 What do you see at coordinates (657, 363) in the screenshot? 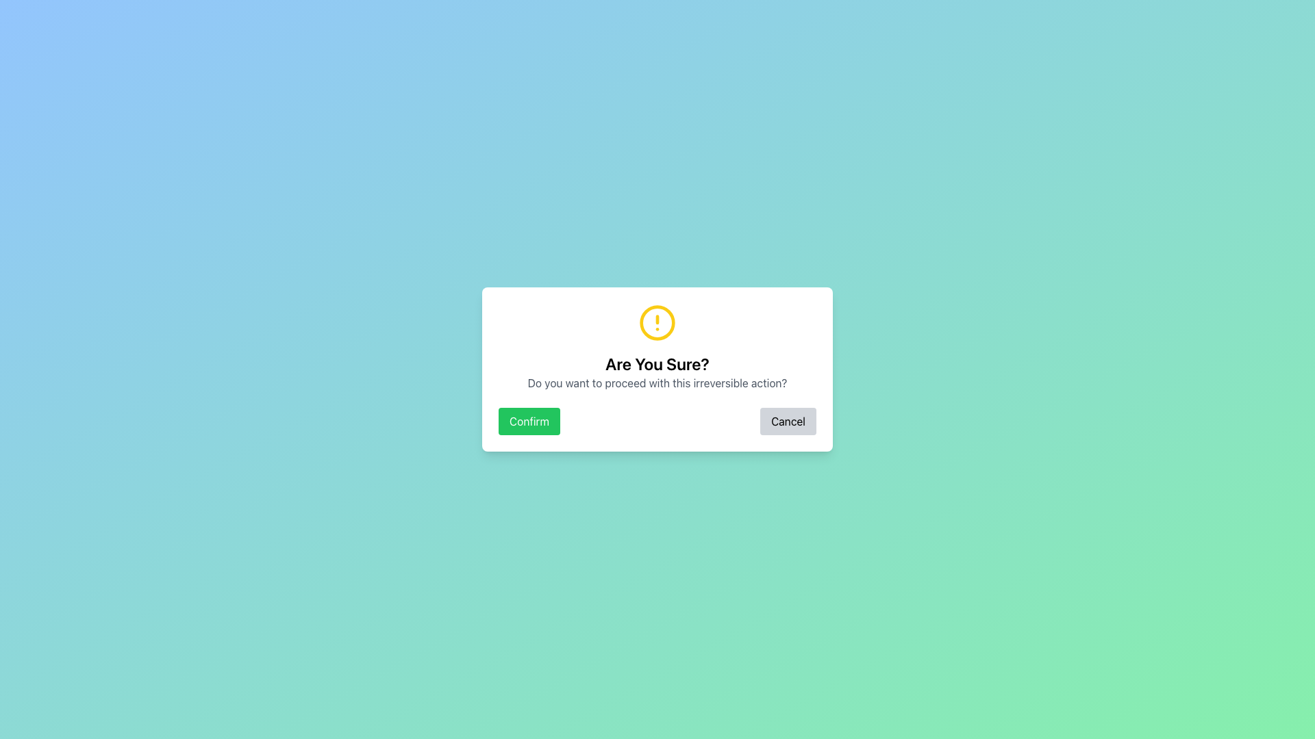
I see `text header displaying 'Are You Sure?' which is bold and large, centered within the modal content, and positioned above a description text and below a warning icon` at bounding box center [657, 363].